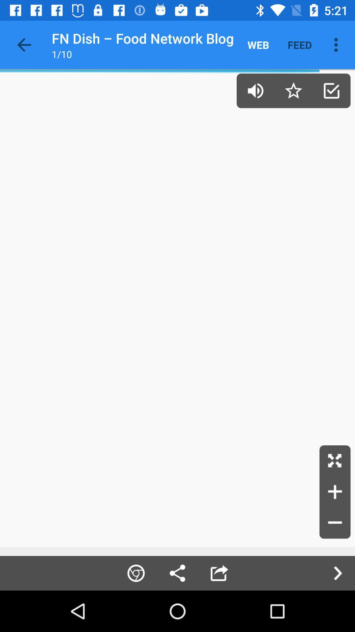 This screenshot has width=355, height=632. Describe the element at coordinates (255, 90) in the screenshot. I see `the volume icon` at that location.